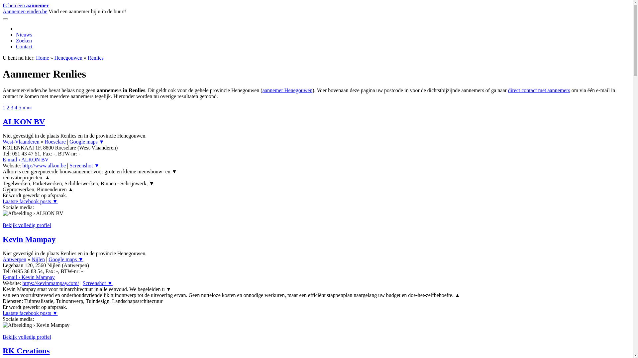 The height and width of the screenshot is (358, 638). Describe the element at coordinates (24, 34) in the screenshot. I see `'Nieuws'` at that location.